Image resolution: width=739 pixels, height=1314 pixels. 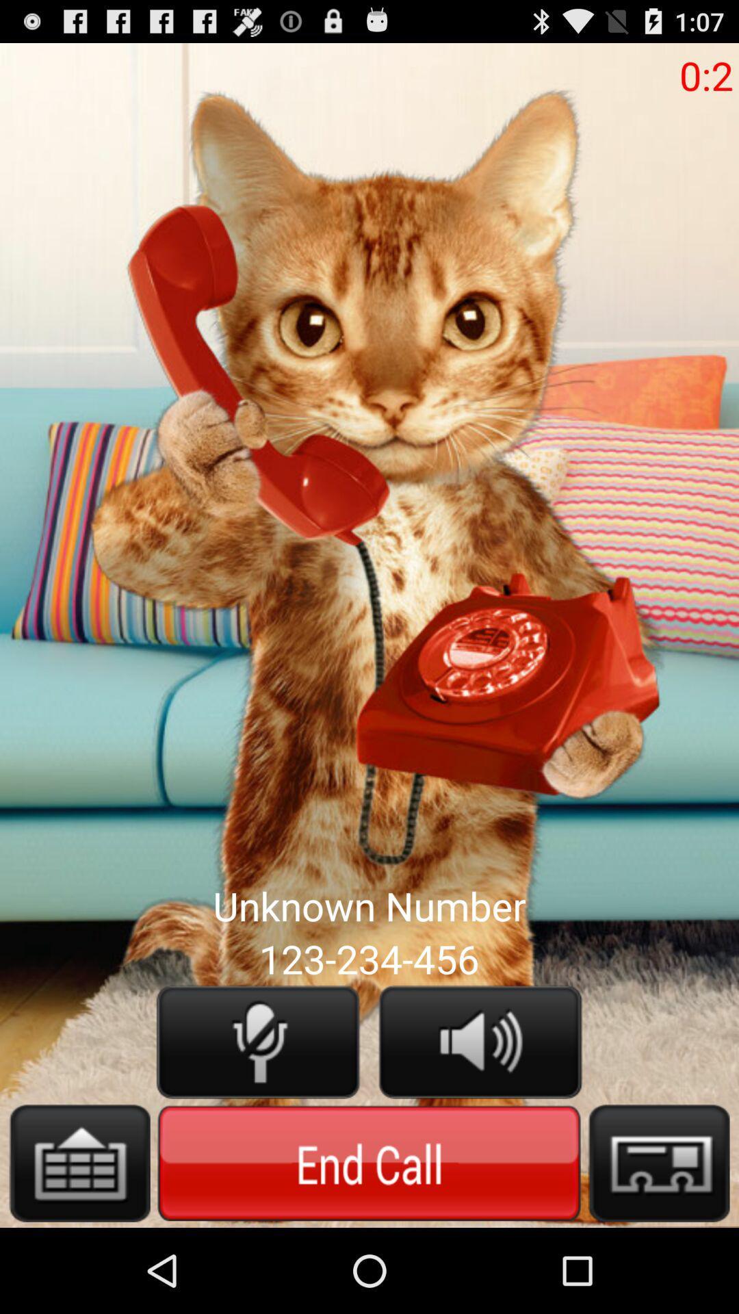 What do you see at coordinates (258, 1041) in the screenshot?
I see `mute option` at bounding box center [258, 1041].